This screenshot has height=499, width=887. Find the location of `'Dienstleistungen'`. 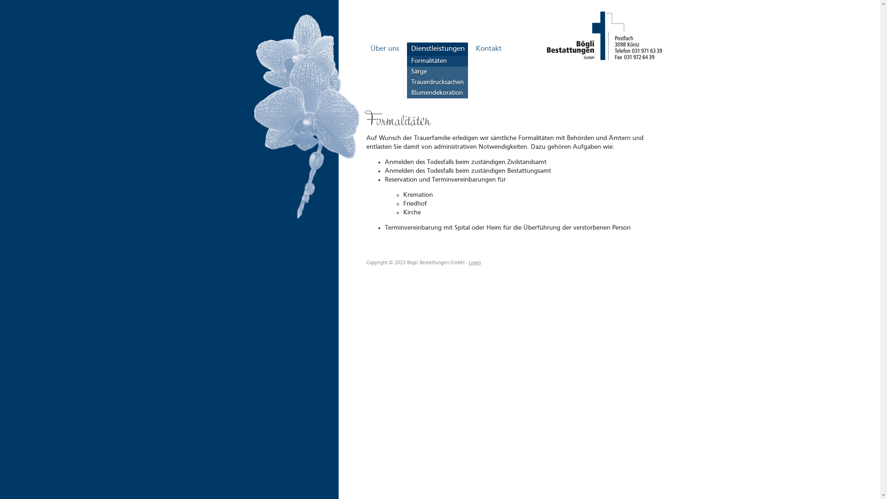

'Dienstleistungen' is located at coordinates (406, 49).